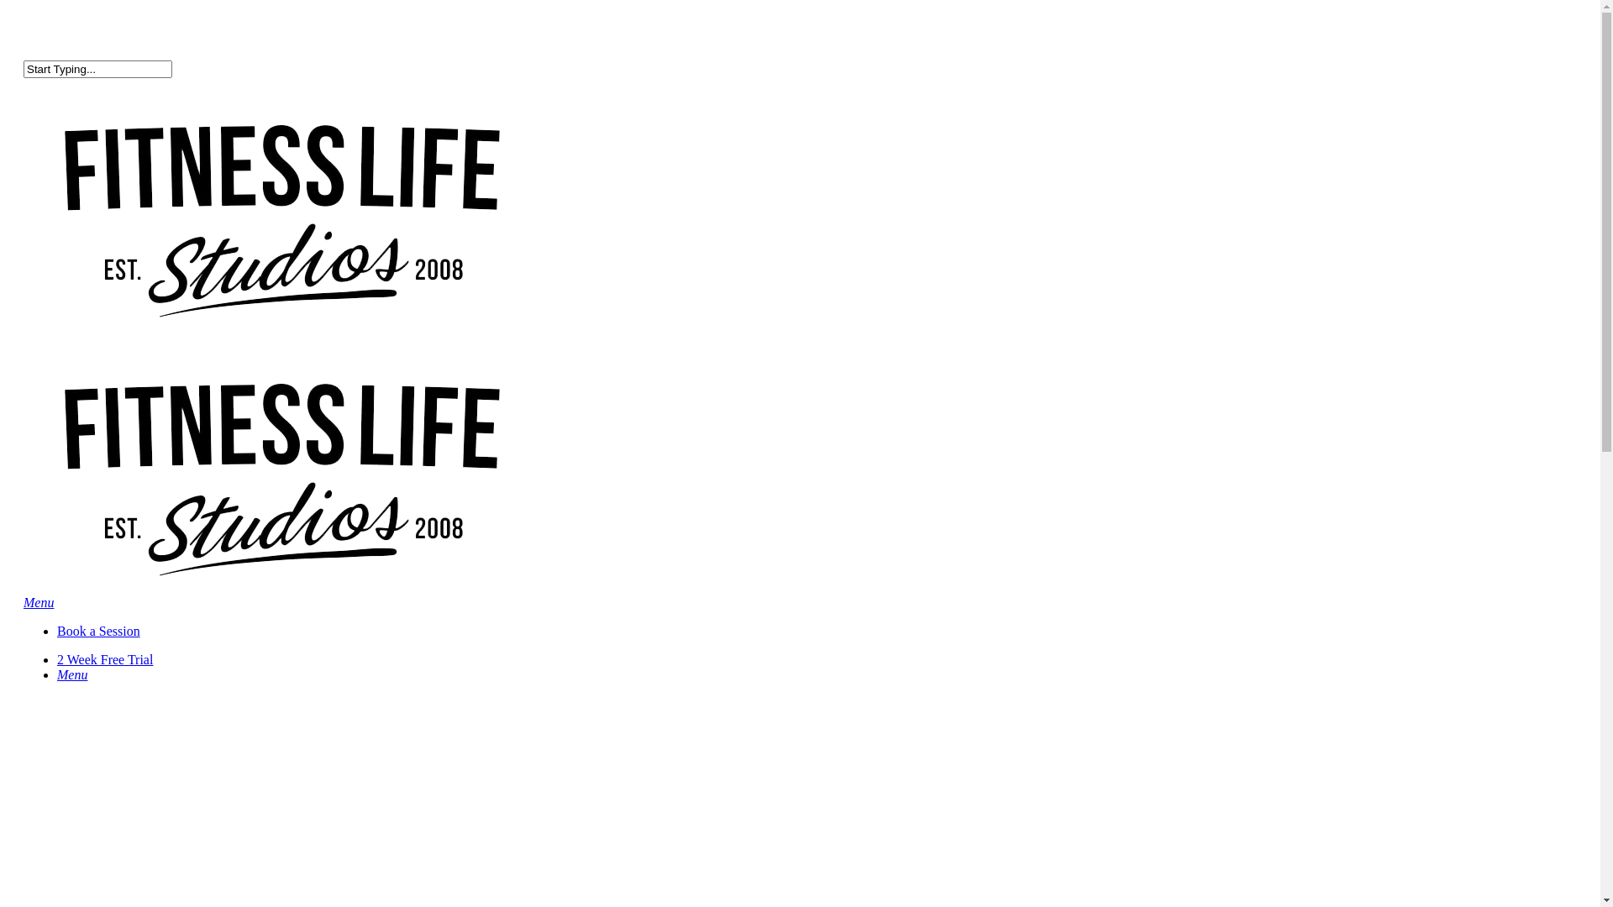 This screenshot has height=907, width=1613. What do you see at coordinates (97, 631) in the screenshot?
I see `'Book a Session'` at bounding box center [97, 631].